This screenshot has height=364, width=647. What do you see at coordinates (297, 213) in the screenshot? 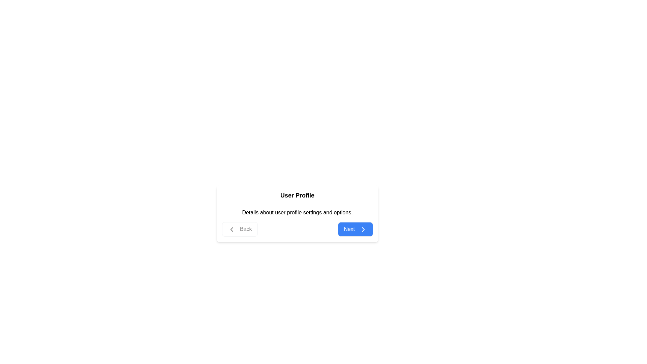
I see `the Static Text element that contains the text 'Details about user profile settings and options.' located below the 'User Profile' section heading` at bounding box center [297, 213].